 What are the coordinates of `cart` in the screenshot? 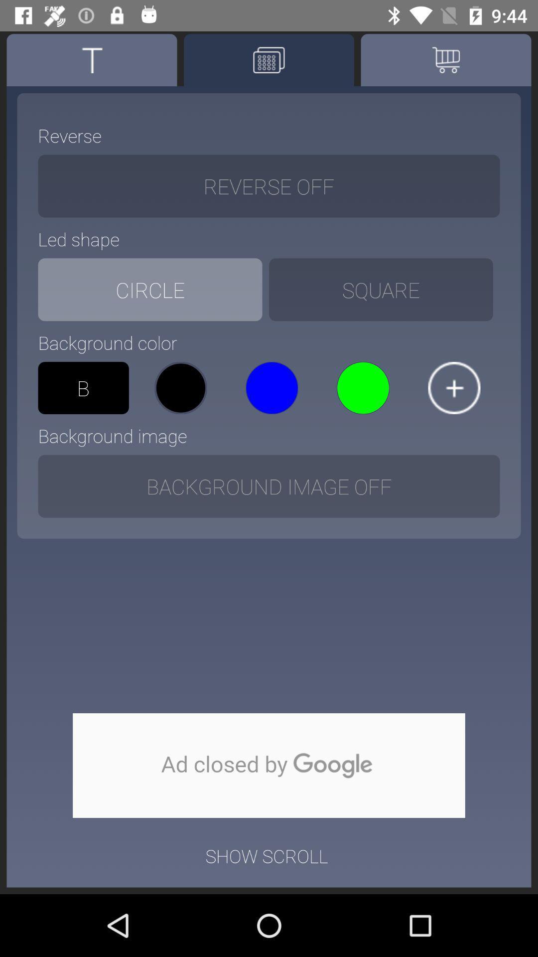 It's located at (445, 59).